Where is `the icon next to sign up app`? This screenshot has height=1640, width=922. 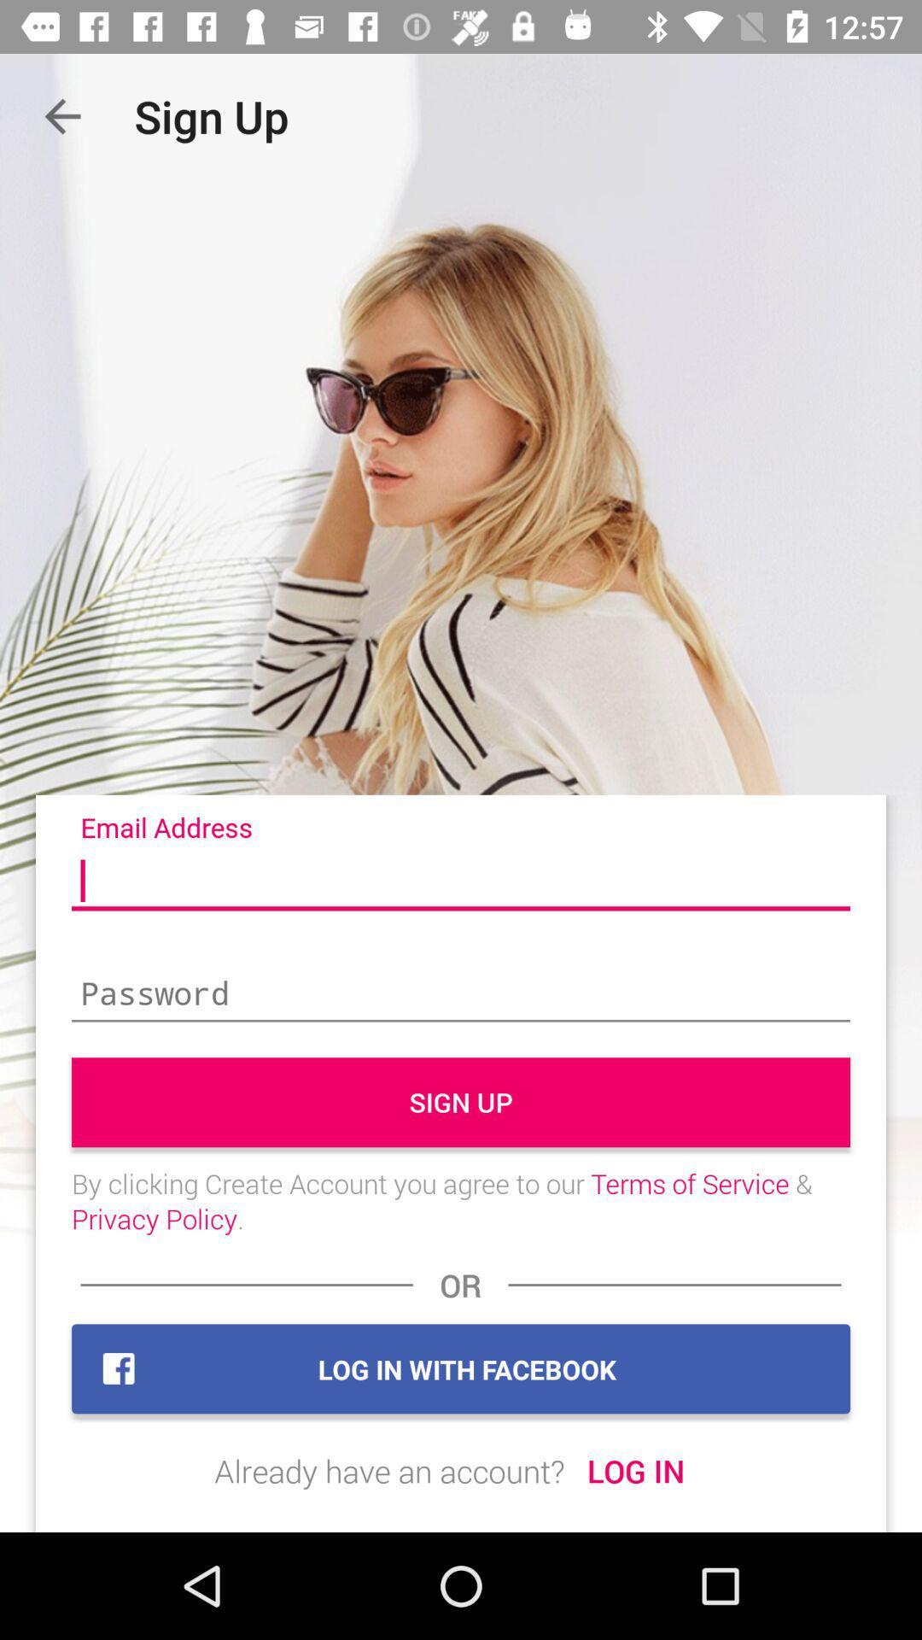 the icon next to sign up app is located at coordinates (61, 115).